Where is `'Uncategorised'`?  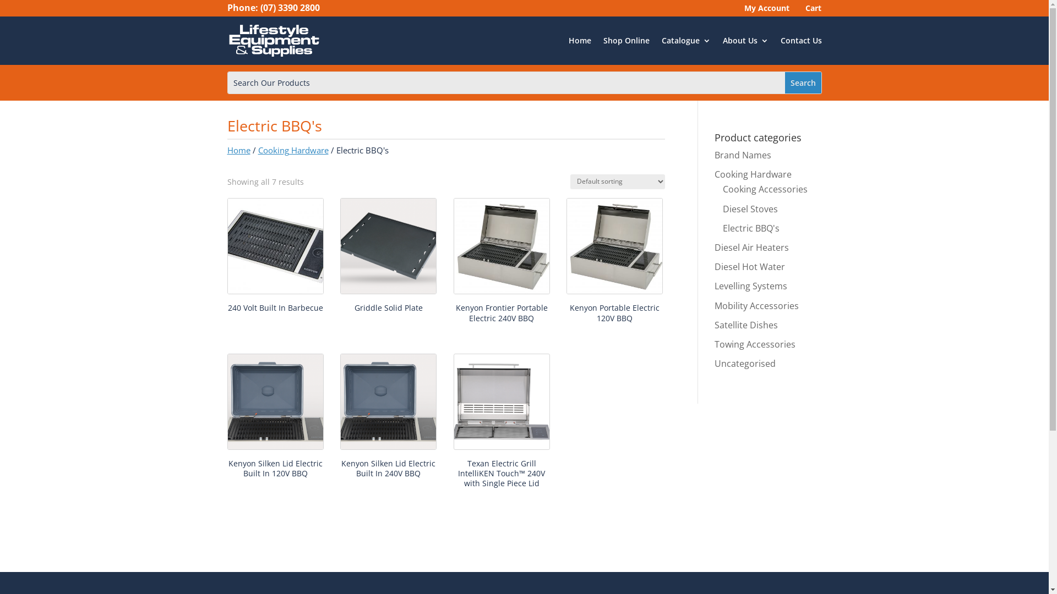
'Uncategorised' is located at coordinates (745, 363).